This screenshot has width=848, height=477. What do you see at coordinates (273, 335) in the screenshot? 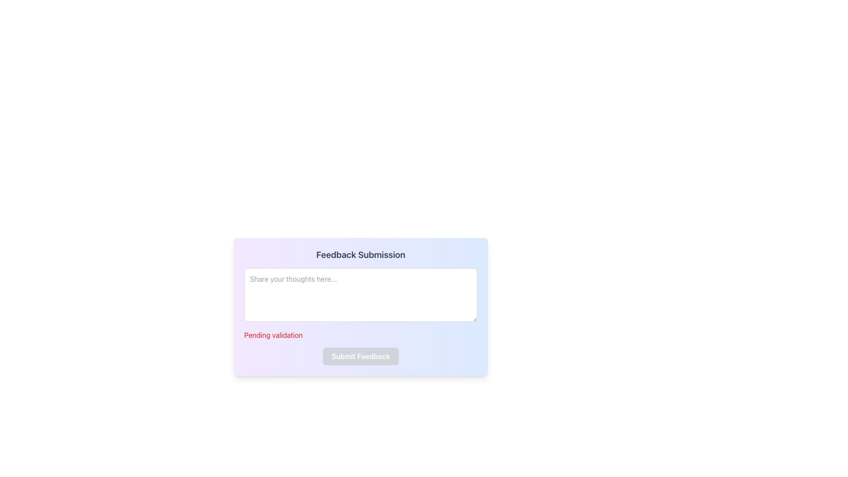
I see `the text label that reads 'Pending validation' styled in red, located just below the text input area of the feedback submission form` at bounding box center [273, 335].